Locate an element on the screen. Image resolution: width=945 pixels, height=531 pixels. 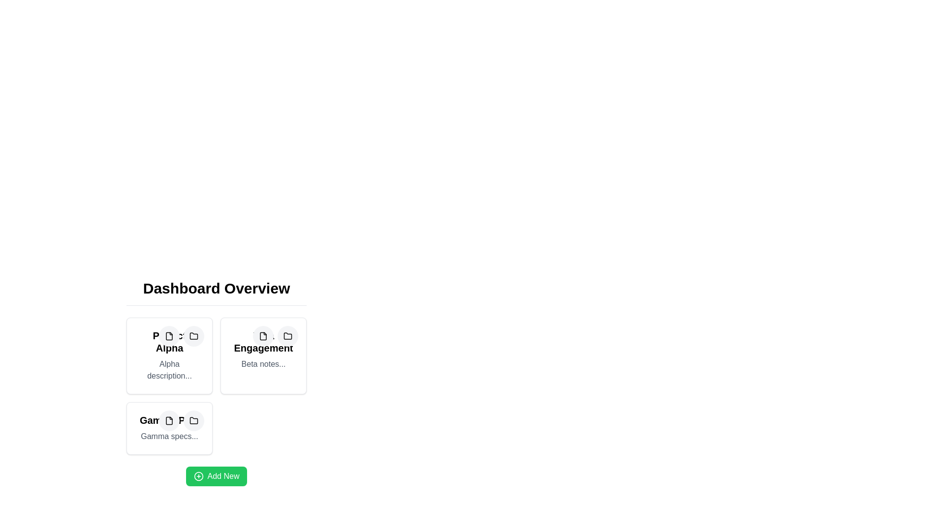
the small folder icon, which is the rightmost icon in the toolbar section of the third card in the bottom row of a 2x2 card grid layout is located at coordinates (193, 420).